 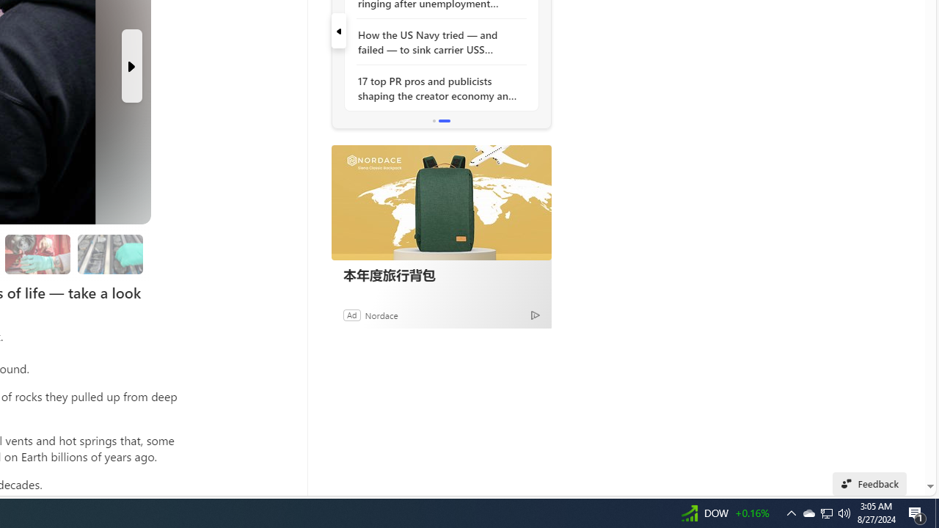 What do you see at coordinates (109, 254) in the screenshot?
I see `'Researchers are still studying the samples'` at bounding box center [109, 254].